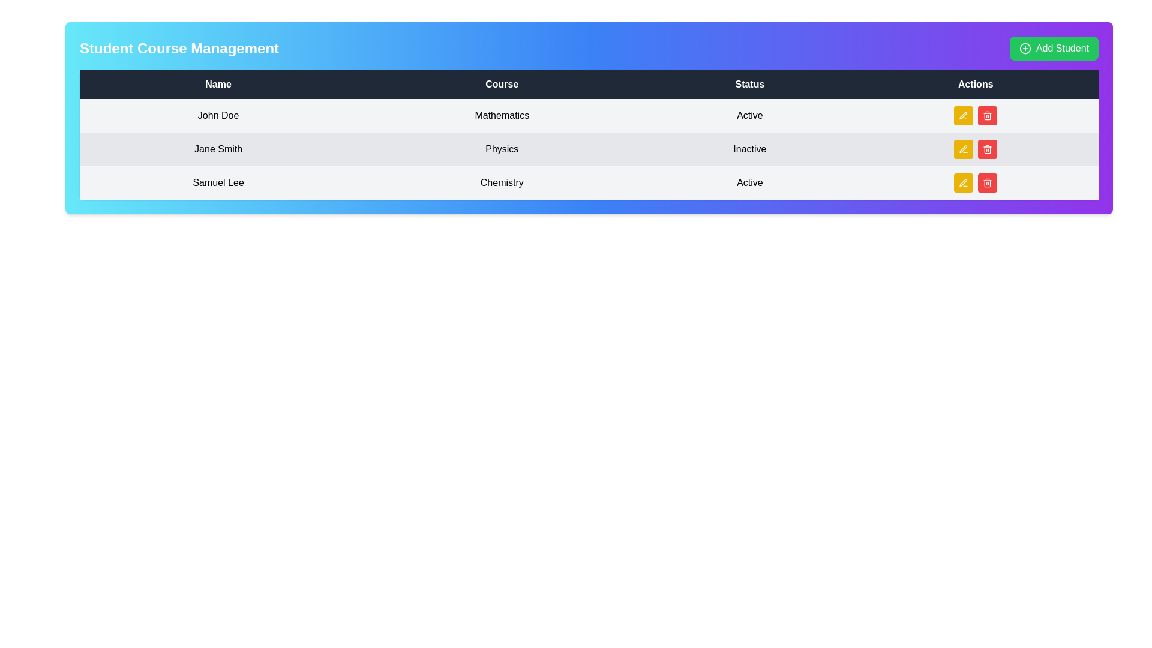 This screenshot has width=1152, height=648. Describe the element at coordinates (218, 115) in the screenshot. I see `the text label displaying the name entry located` at that location.